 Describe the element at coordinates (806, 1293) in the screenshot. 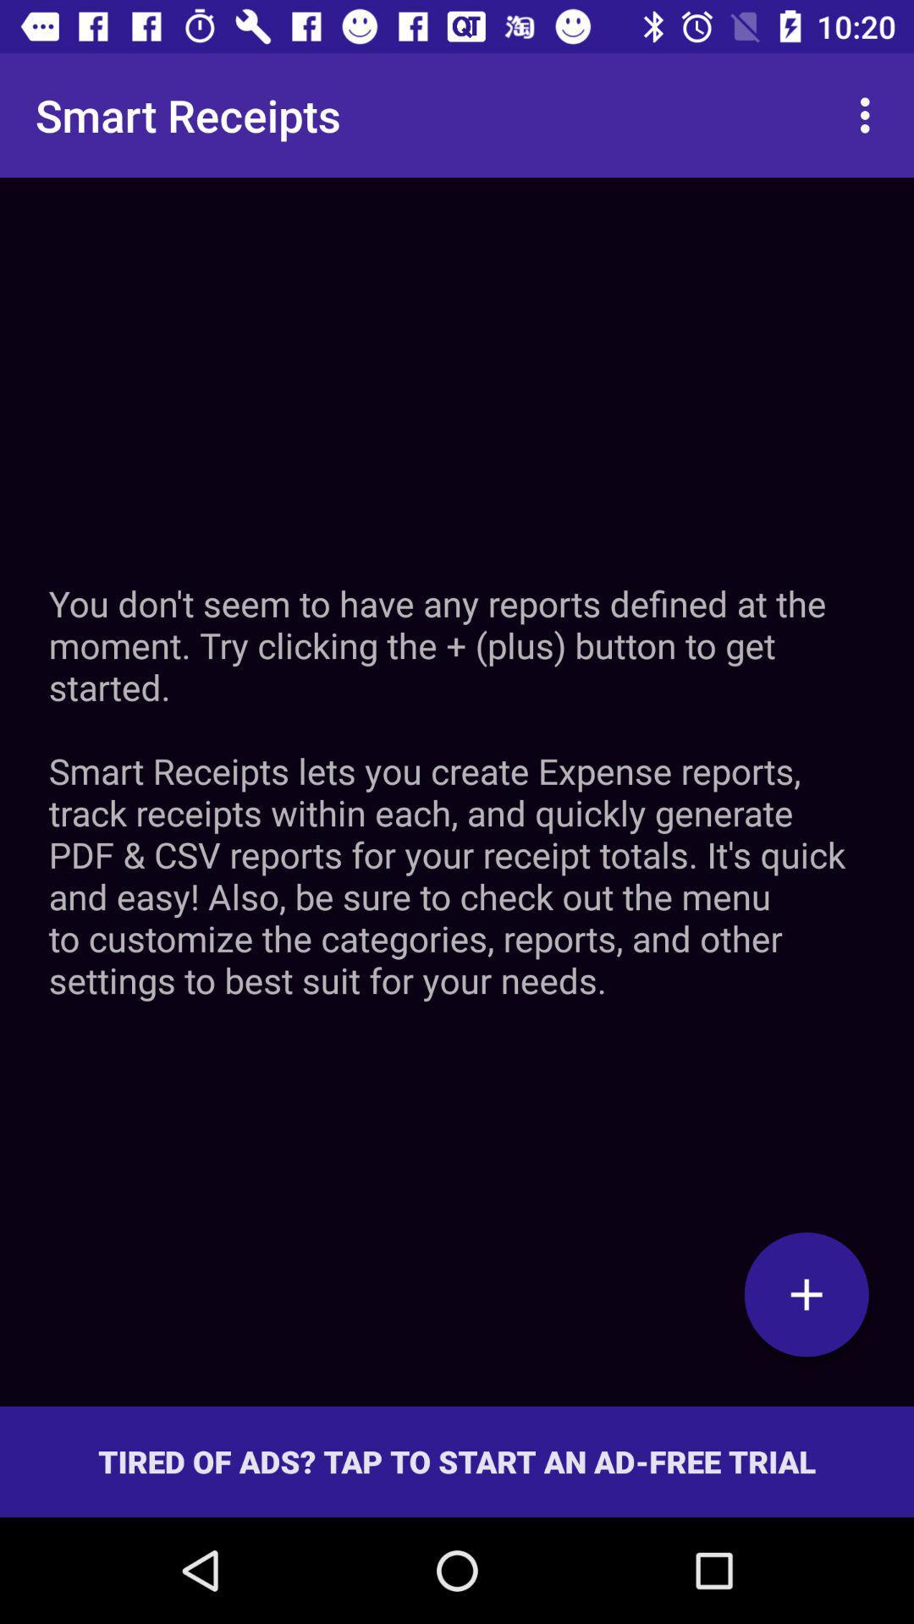

I see `report` at that location.